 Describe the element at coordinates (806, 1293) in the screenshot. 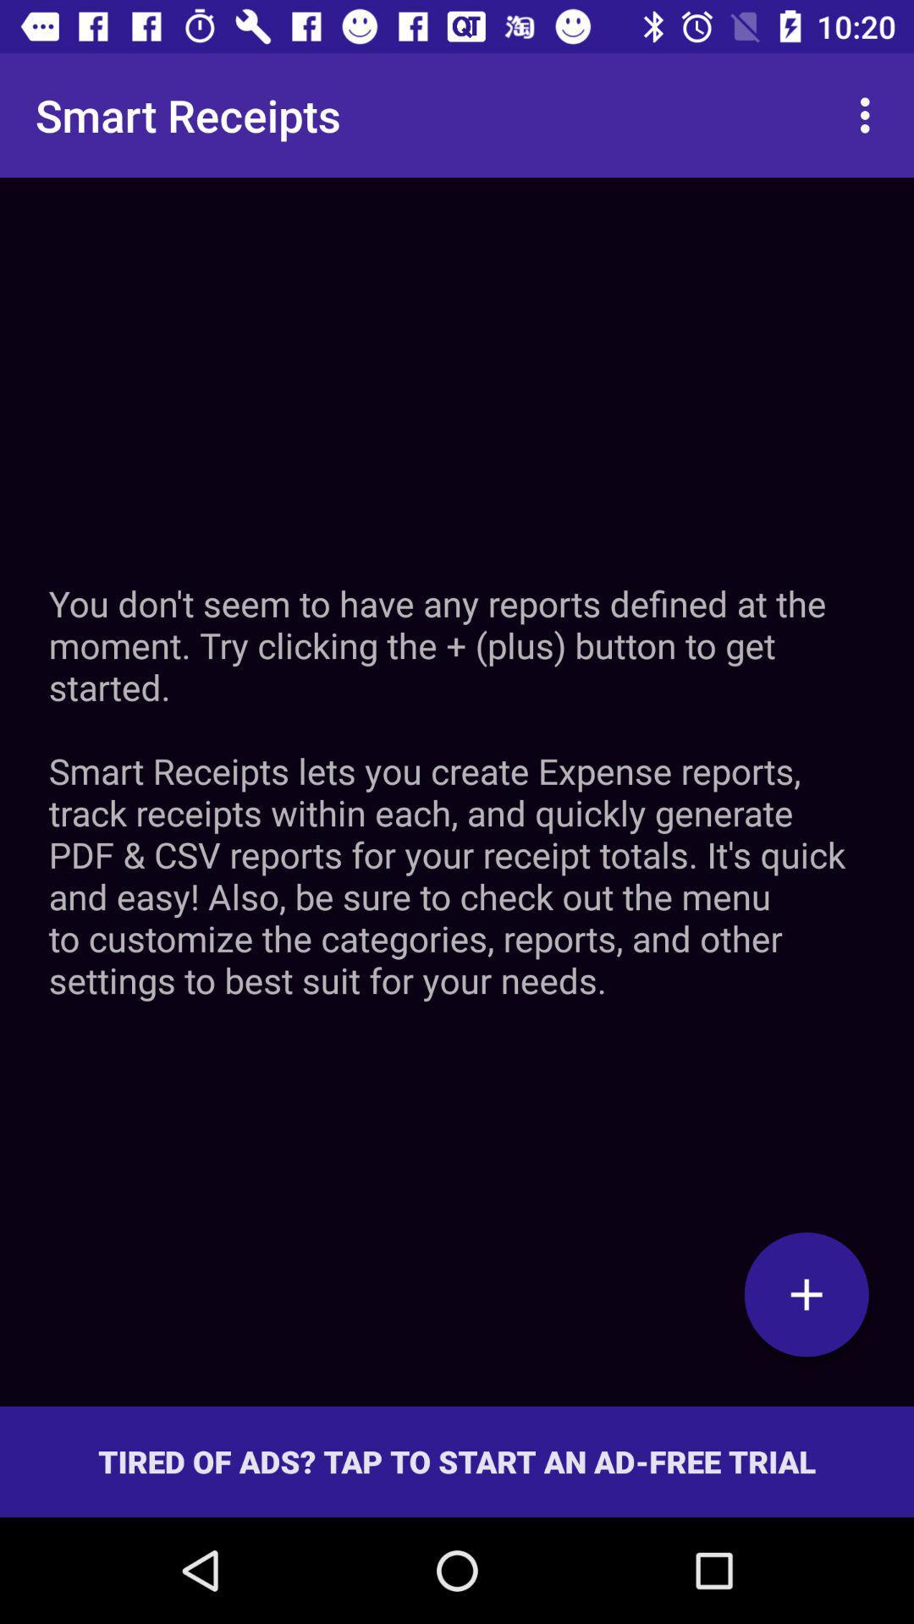

I see `report` at that location.